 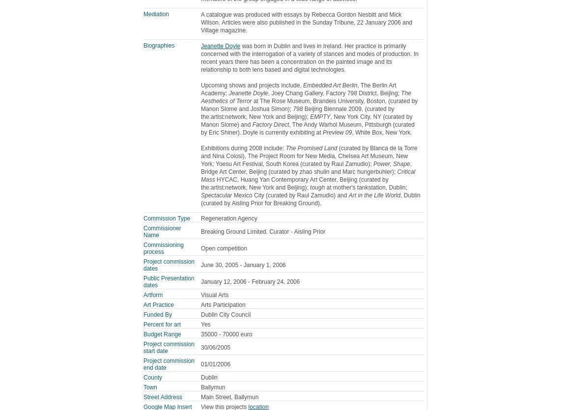 What do you see at coordinates (306, 120) in the screenshot?
I see `', New York City, NY (curated by Manon Slome) and'` at bounding box center [306, 120].